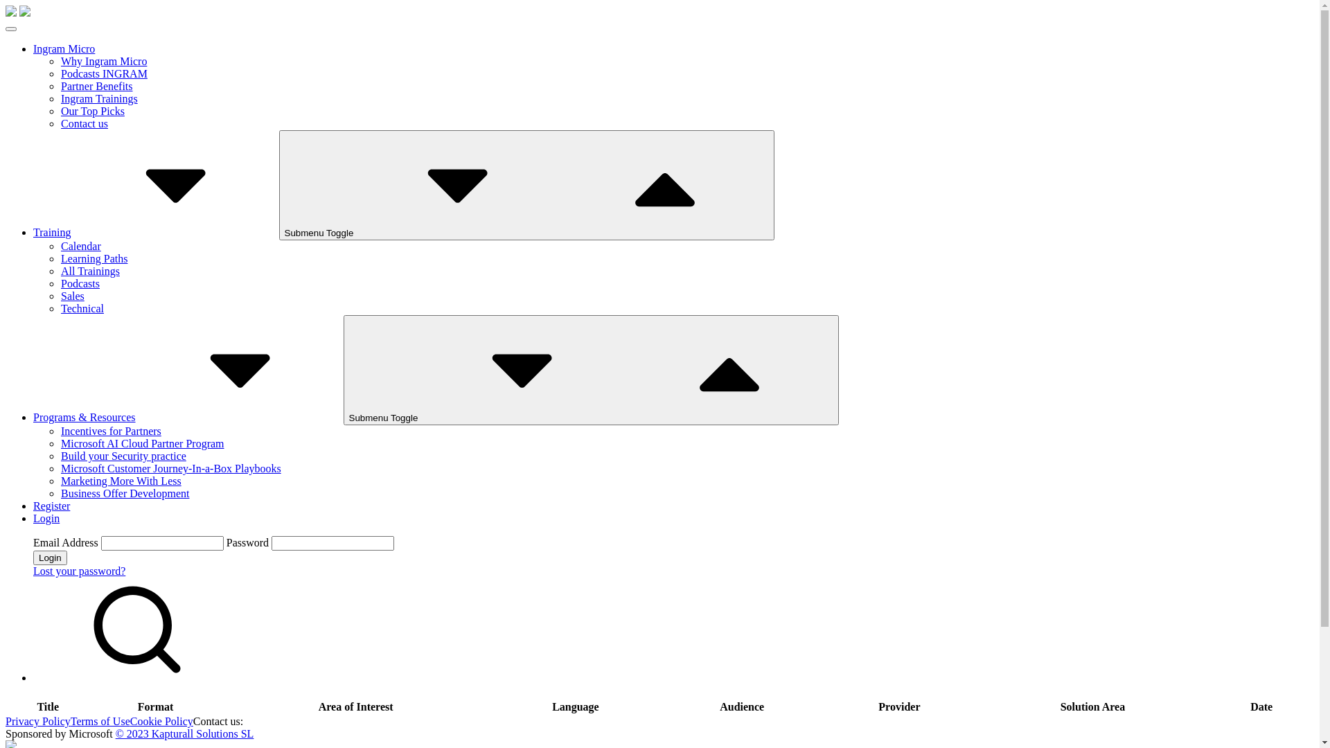  I want to click on 'Register', so click(51, 506).